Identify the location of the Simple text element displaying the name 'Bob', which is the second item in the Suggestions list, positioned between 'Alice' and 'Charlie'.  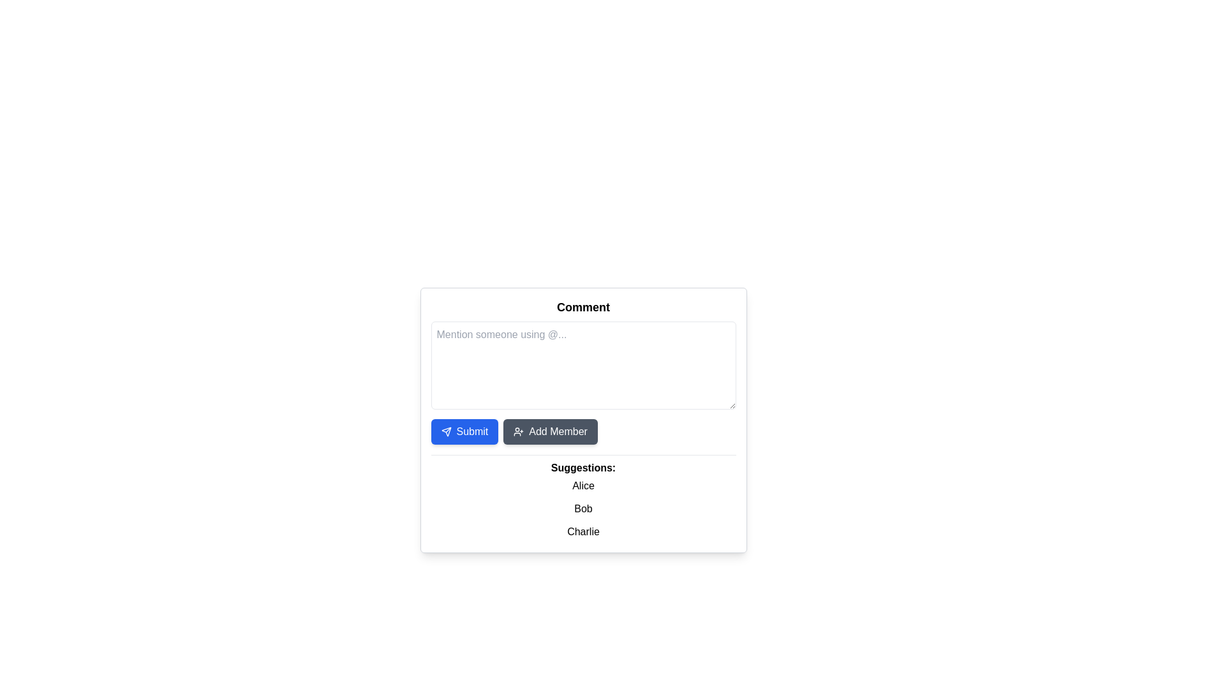
(583, 508).